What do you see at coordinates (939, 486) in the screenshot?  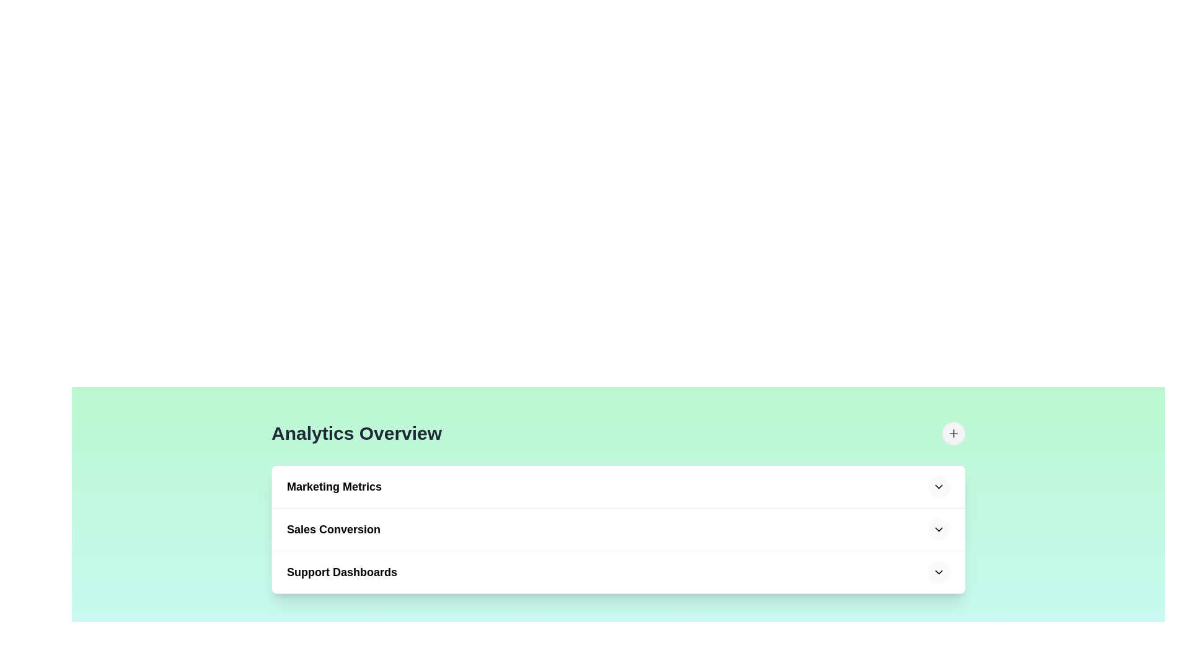 I see `the first downward-facing chevron icon` at bounding box center [939, 486].